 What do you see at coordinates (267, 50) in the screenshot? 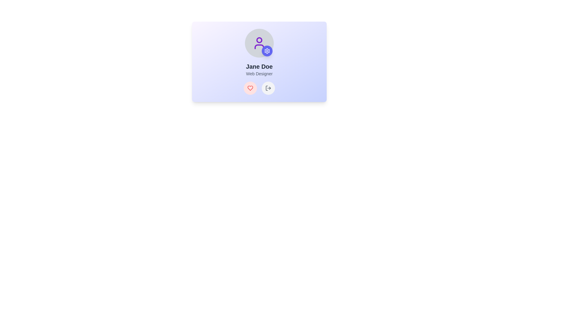
I see `the settings button located in the bottom-right corner of the circular avatar` at bounding box center [267, 50].